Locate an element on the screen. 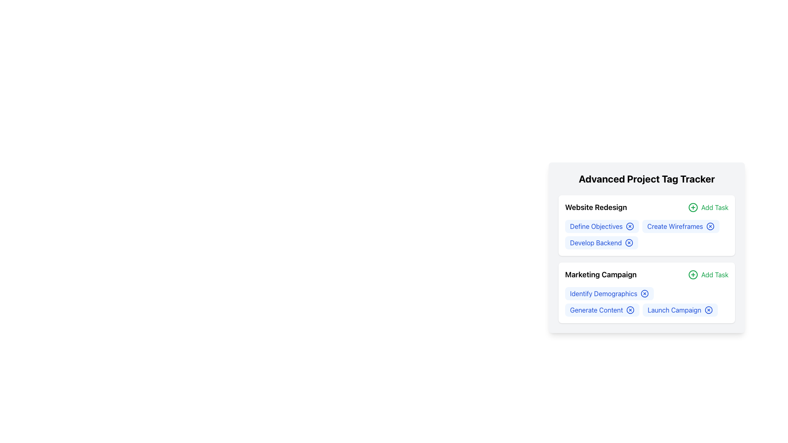 Image resolution: width=788 pixels, height=443 pixels. the 'Identify Demographics' button, which is the first button in the 'Marketing Campaign' section is located at coordinates (609, 293).